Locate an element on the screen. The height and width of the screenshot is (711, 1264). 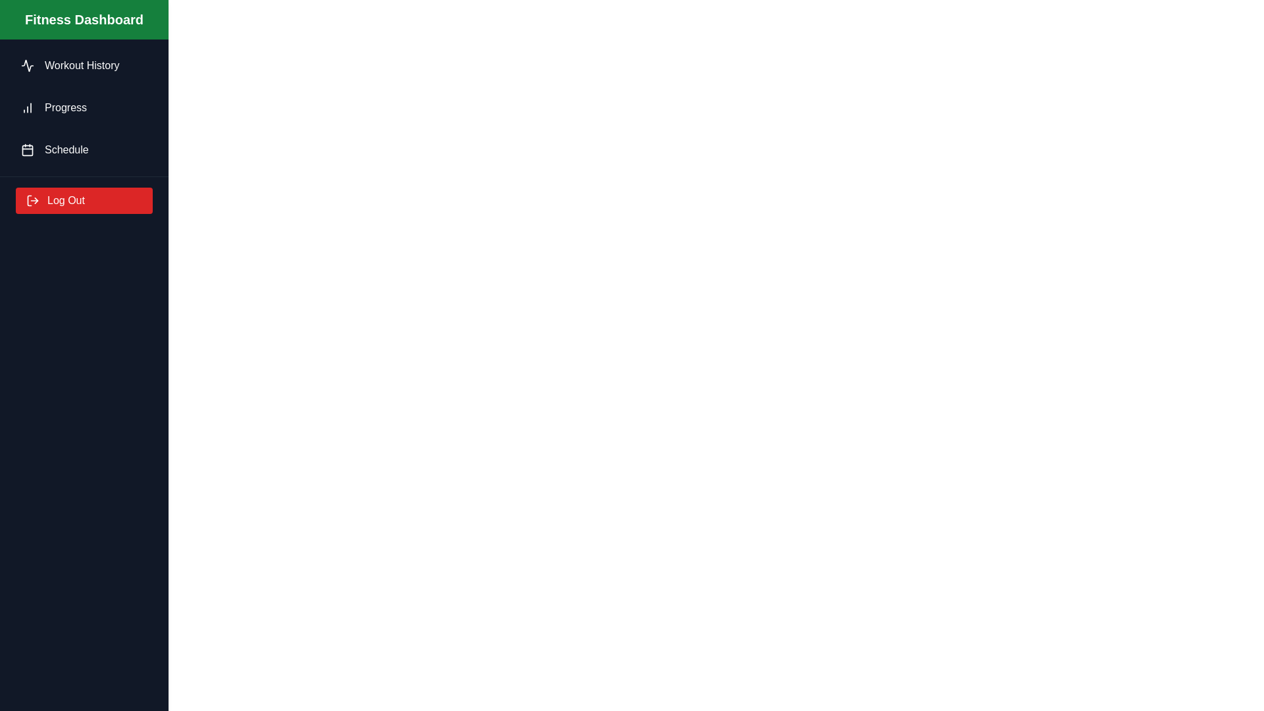
the small icon representing an activity waveform located to the left of the 'Workout History' text label in the sidebar is located at coordinates (28, 66).